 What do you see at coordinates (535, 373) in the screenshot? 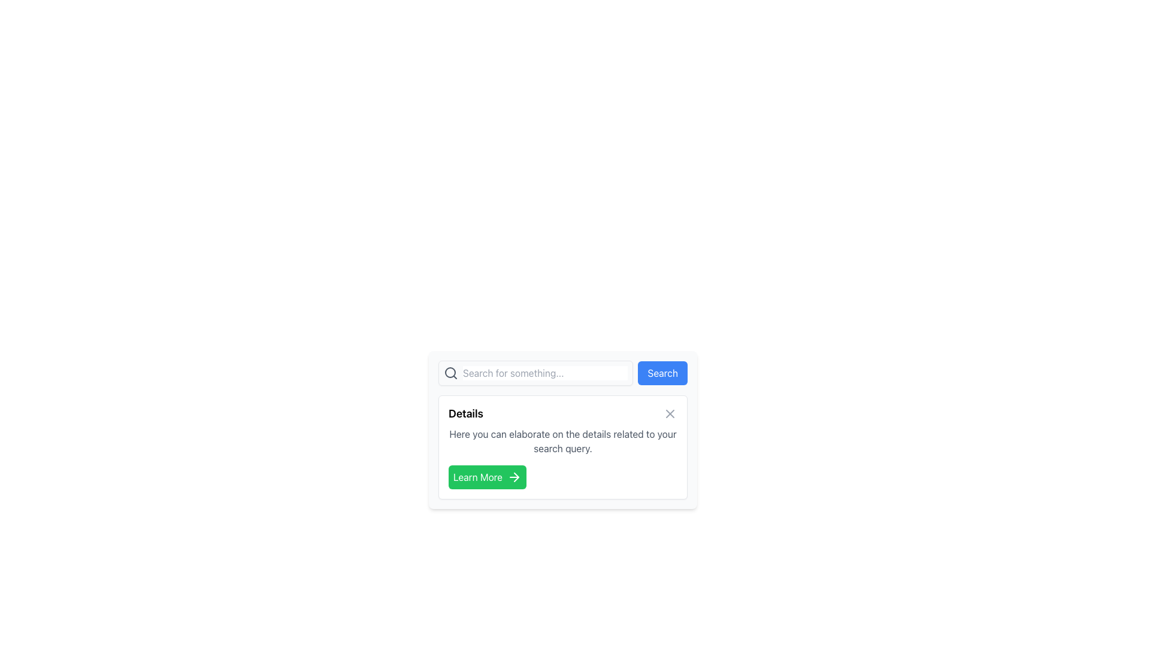
I see `the search bar text input field` at bounding box center [535, 373].